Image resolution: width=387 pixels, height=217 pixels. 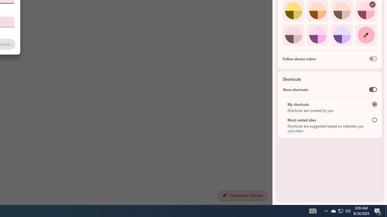 What do you see at coordinates (317, 11) in the screenshot?
I see `'Orange'` at bounding box center [317, 11].